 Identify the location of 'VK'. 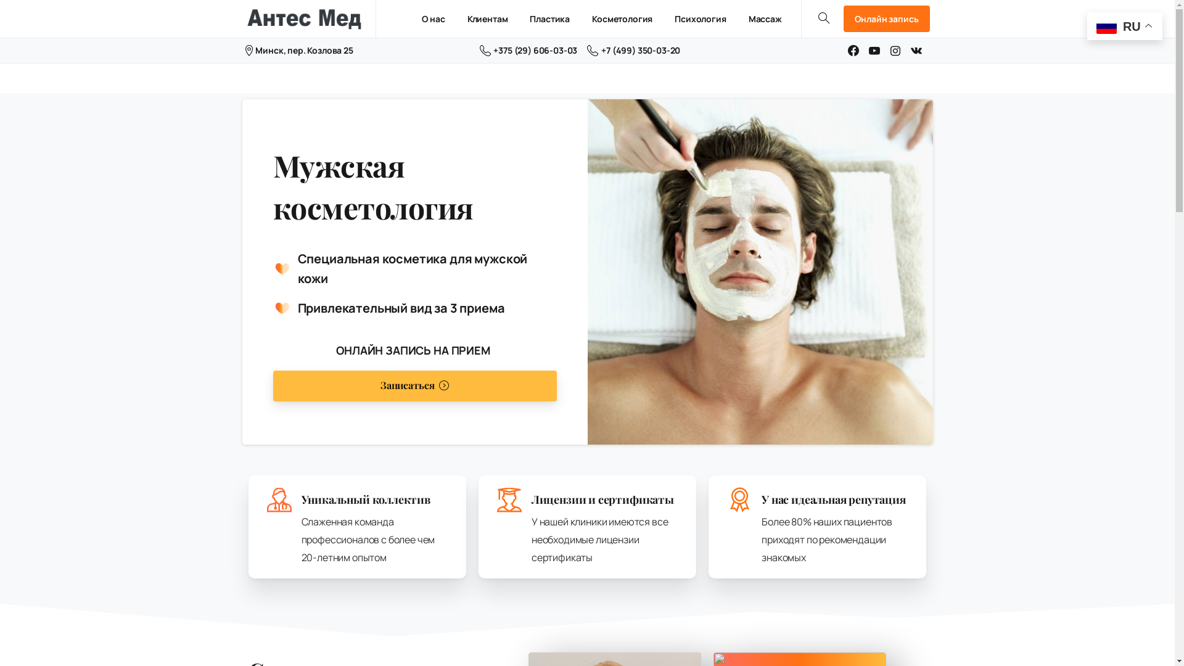
(916, 49).